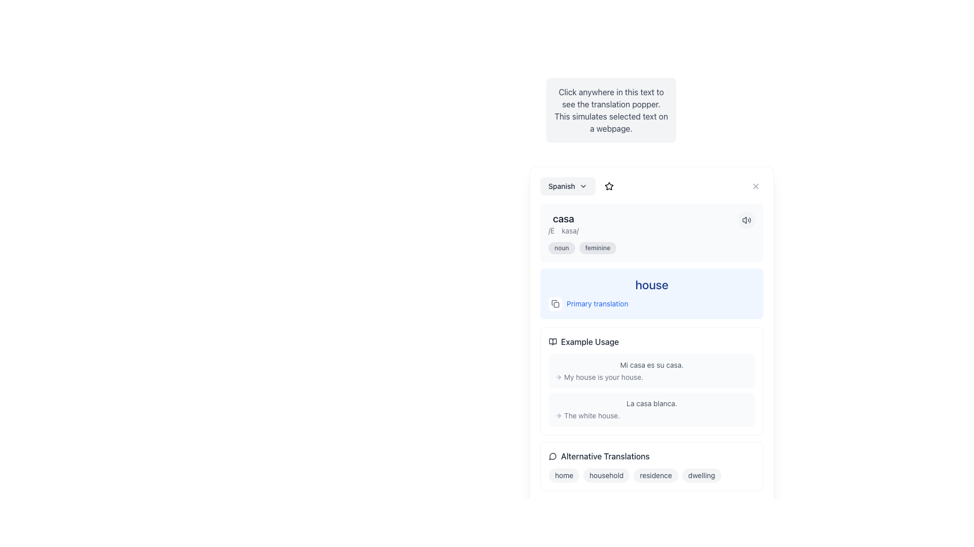  Describe the element at coordinates (563, 230) in the screenshot. I see `text content of the text label element displaying '/Ëʷkasa/' located below the word 'casa' and styled to indicate supplementary information` at that location.